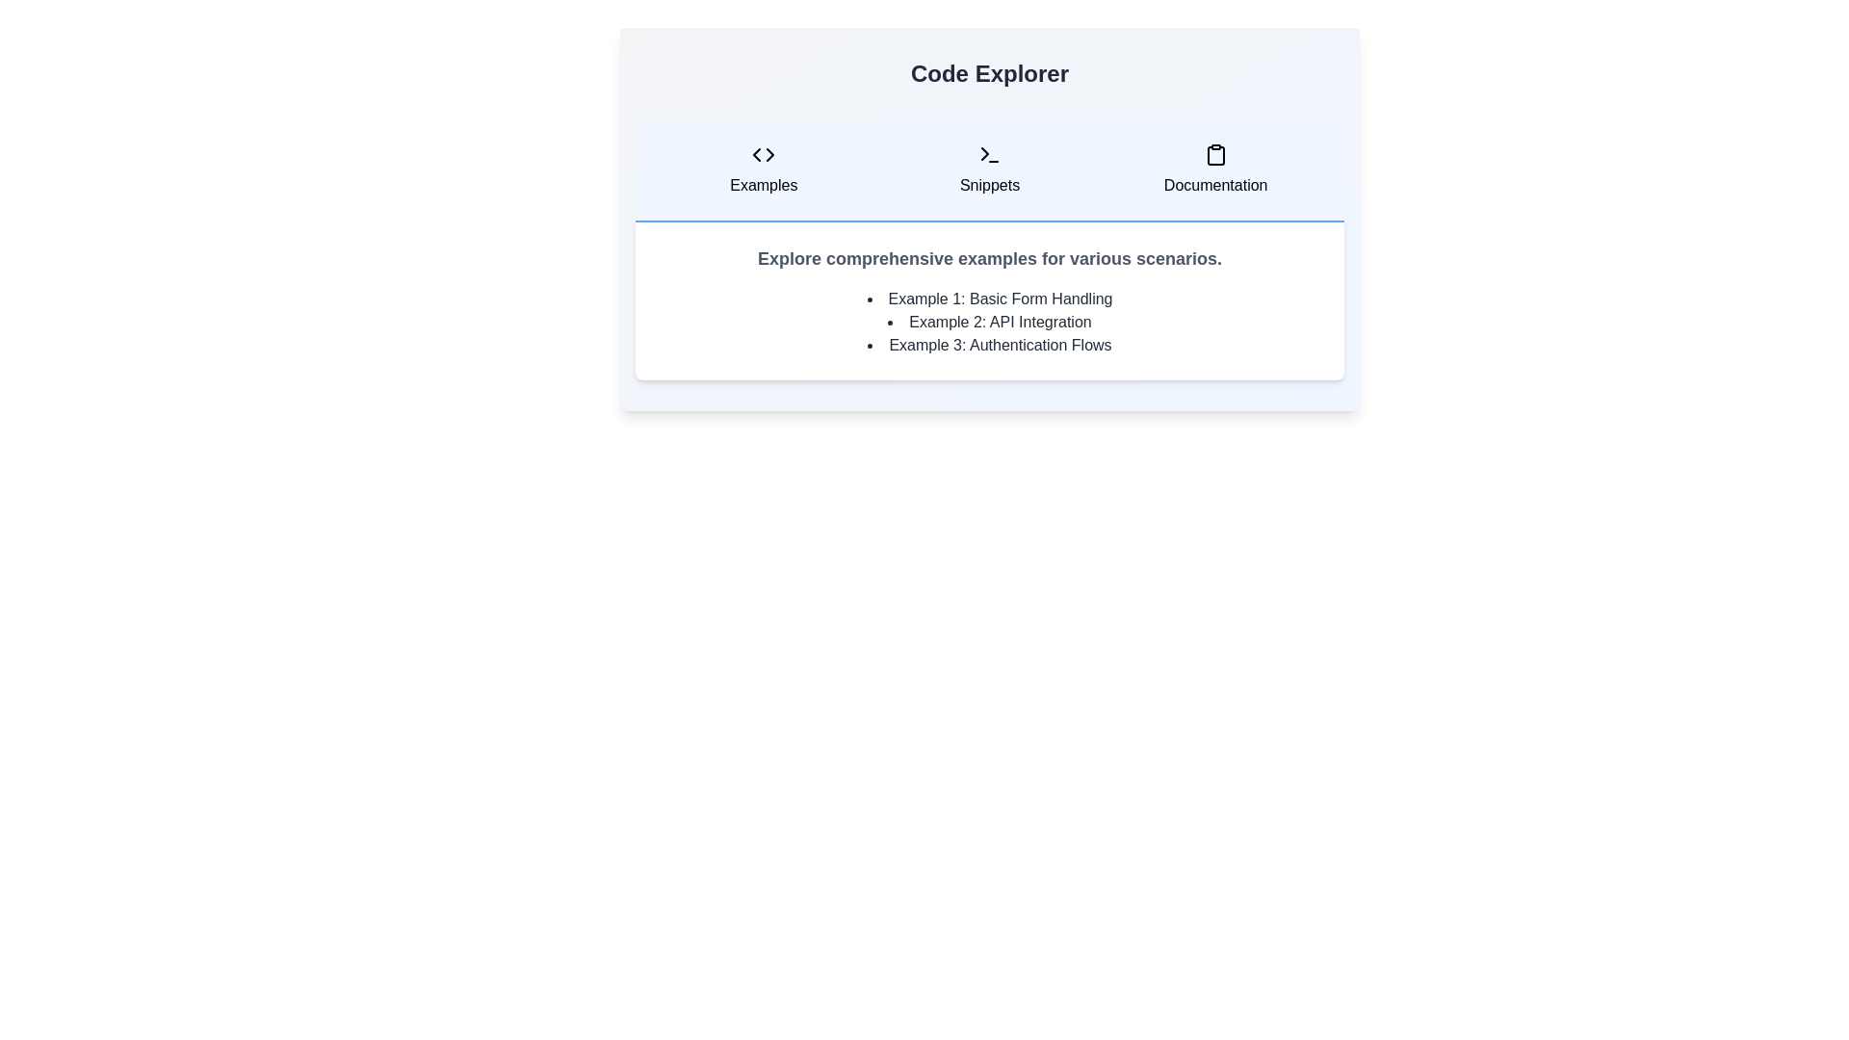 The height and width of the screenshot is (1040, 1849). Describe the element at coordinates (770, 154) in the screenshot. I see `the right-hand arrow graphical icon within the Code Explorer interface, which is styled with sharp edges and is part of a pair of arrows` at that location.